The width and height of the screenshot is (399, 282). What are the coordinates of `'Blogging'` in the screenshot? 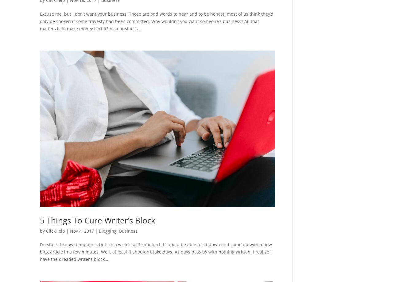 It's located at (107, 231).